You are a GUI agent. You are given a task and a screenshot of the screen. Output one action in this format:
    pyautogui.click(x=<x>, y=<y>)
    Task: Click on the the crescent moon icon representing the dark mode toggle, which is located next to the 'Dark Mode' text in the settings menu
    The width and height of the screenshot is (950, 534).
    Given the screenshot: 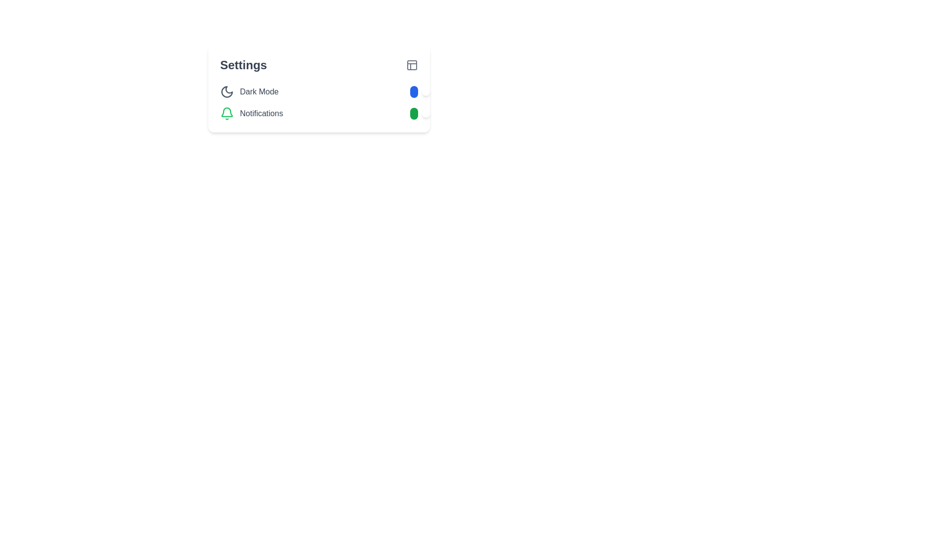 What is the action you would take?
    pyautogui.click(x=227, y=91)
    